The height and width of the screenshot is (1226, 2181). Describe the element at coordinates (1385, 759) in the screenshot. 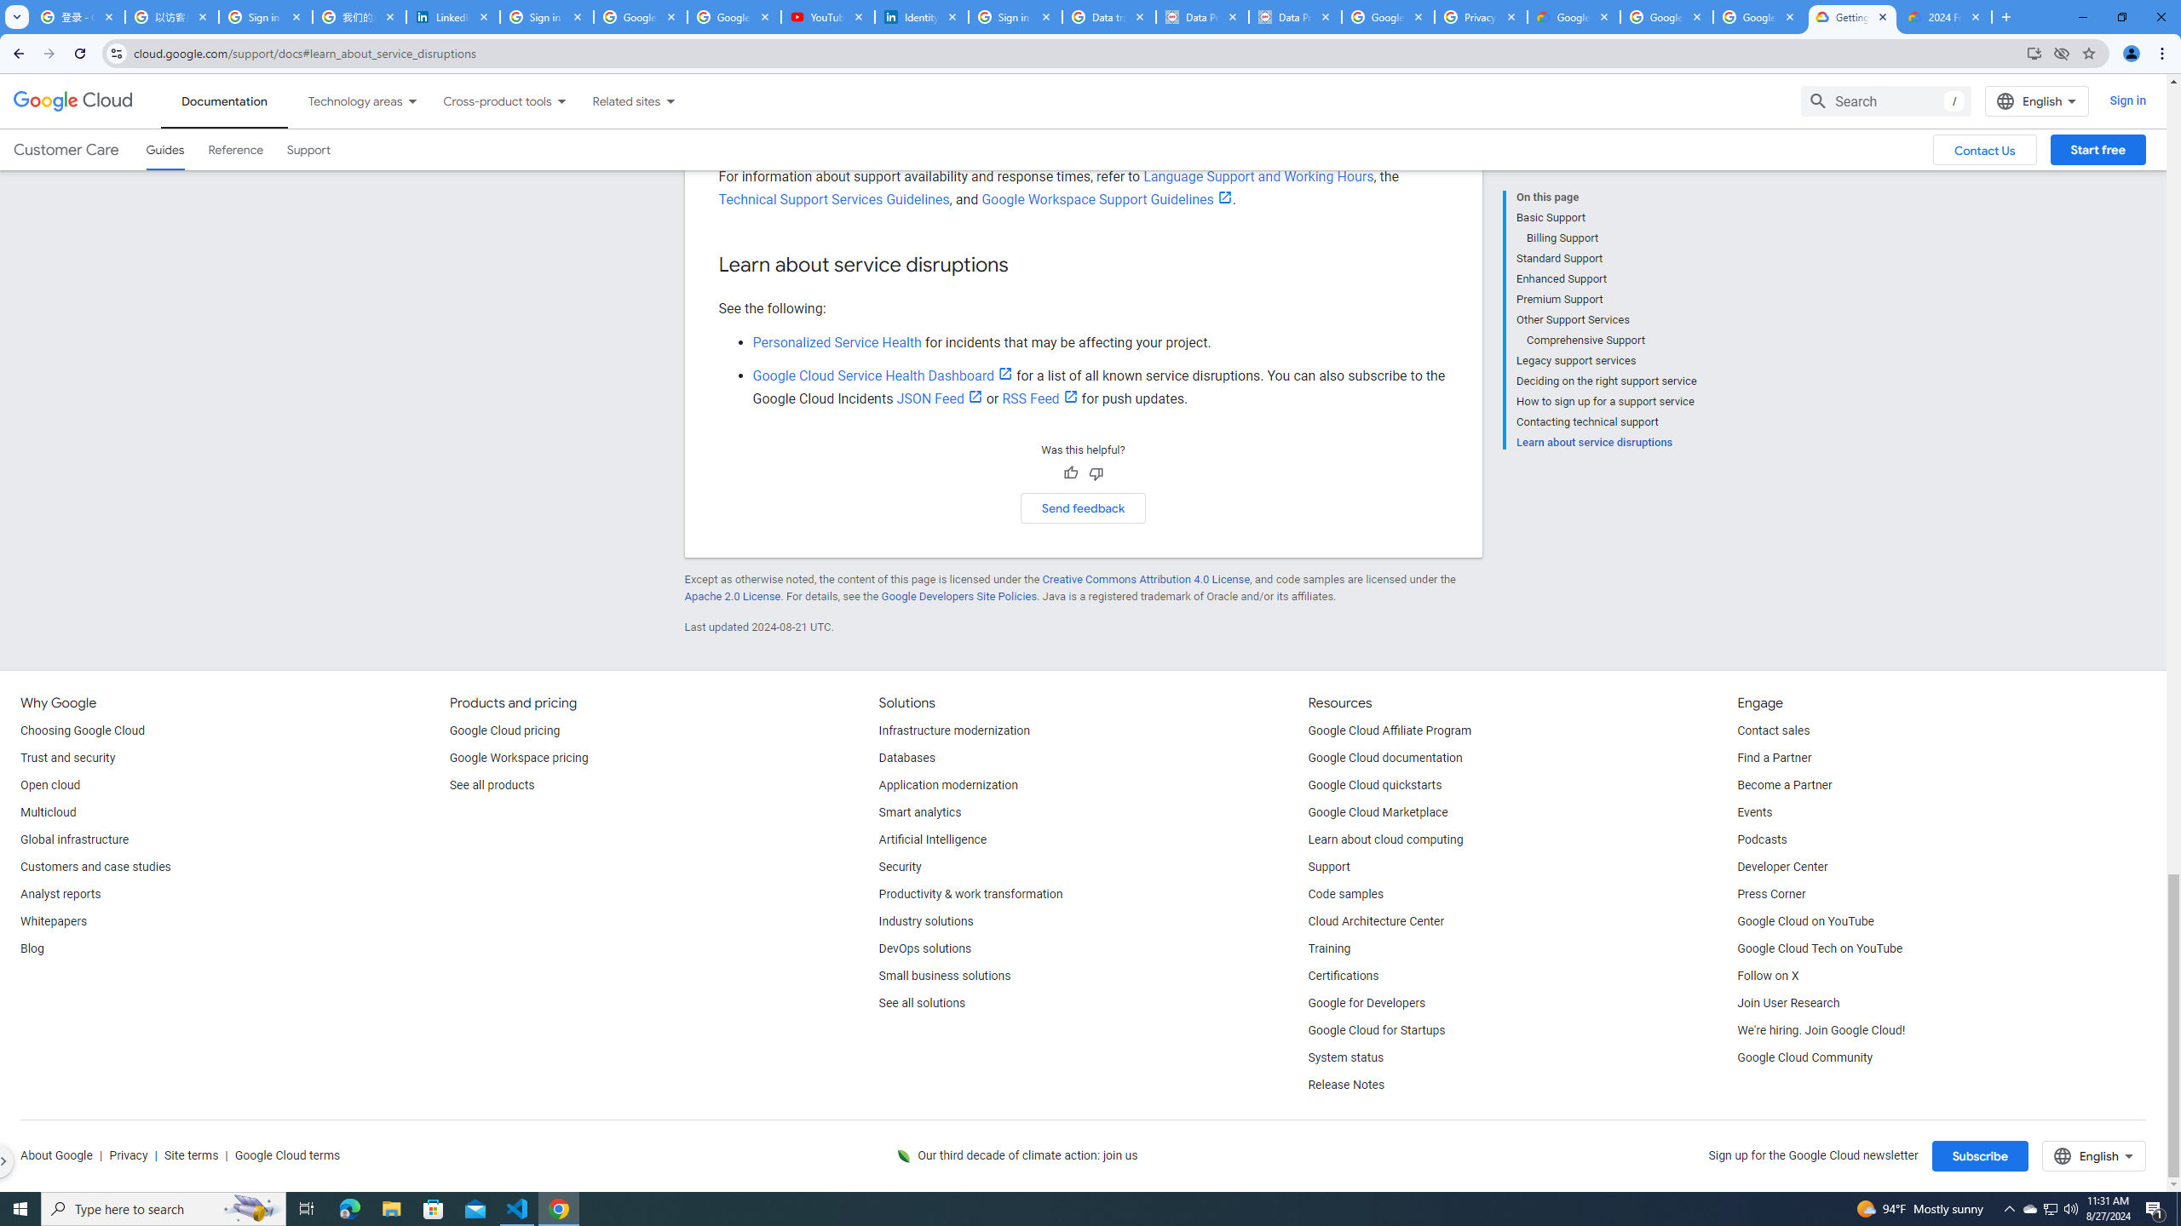

I see `'Google Cloud documentation'` at that location.